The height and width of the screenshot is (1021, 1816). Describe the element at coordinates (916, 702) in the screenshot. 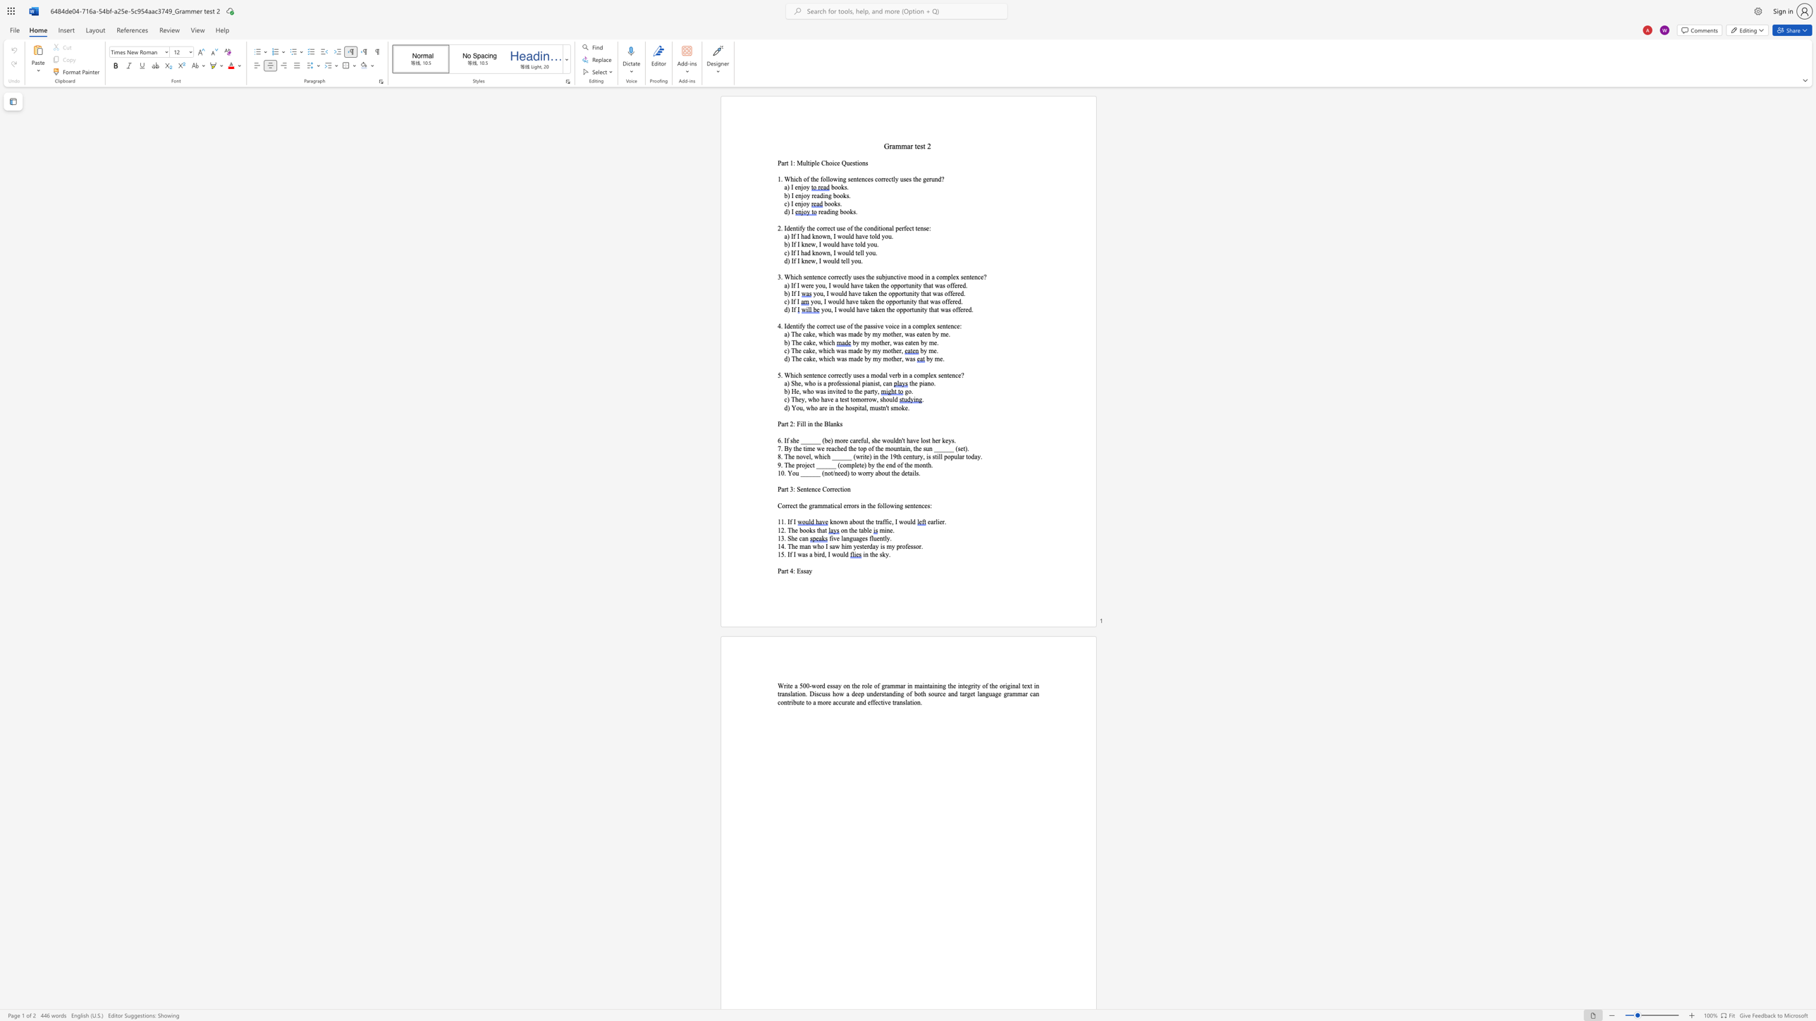

I see `the subset text "n." within the text "and effective translation."` at that location.